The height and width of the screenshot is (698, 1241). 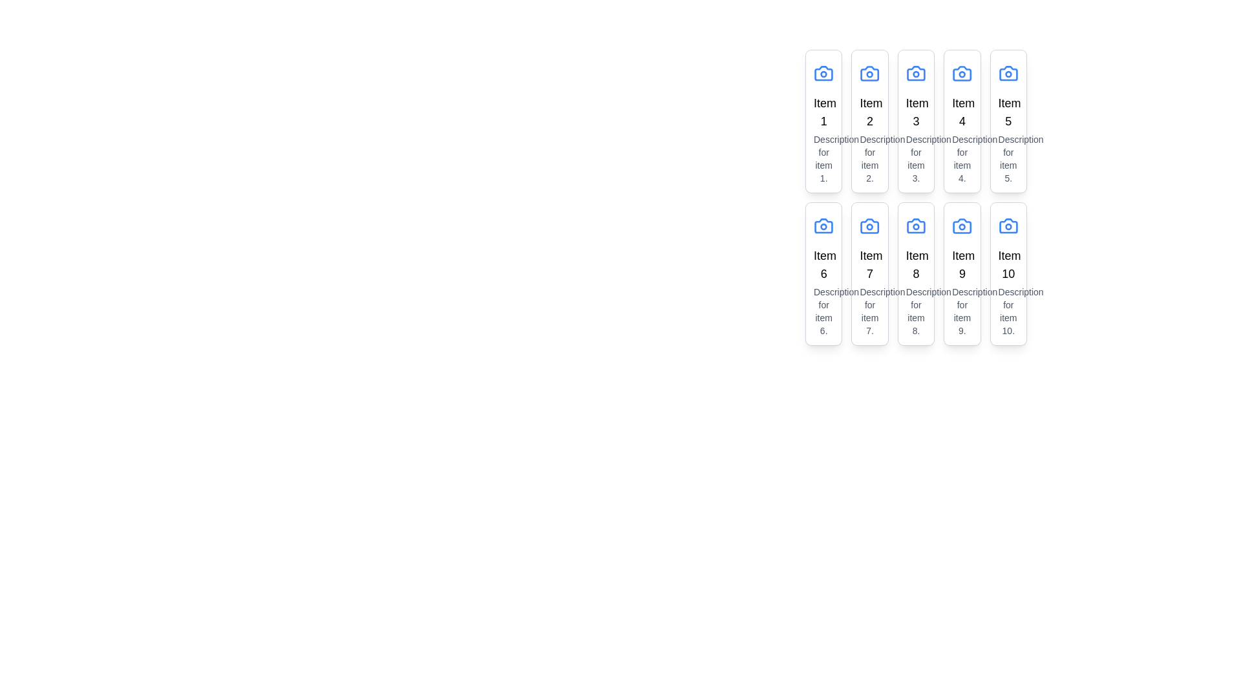 I want to click on the fifth card in the grid that represents 'Item 5' to trigger interactions, so click(x=1008, y=122).